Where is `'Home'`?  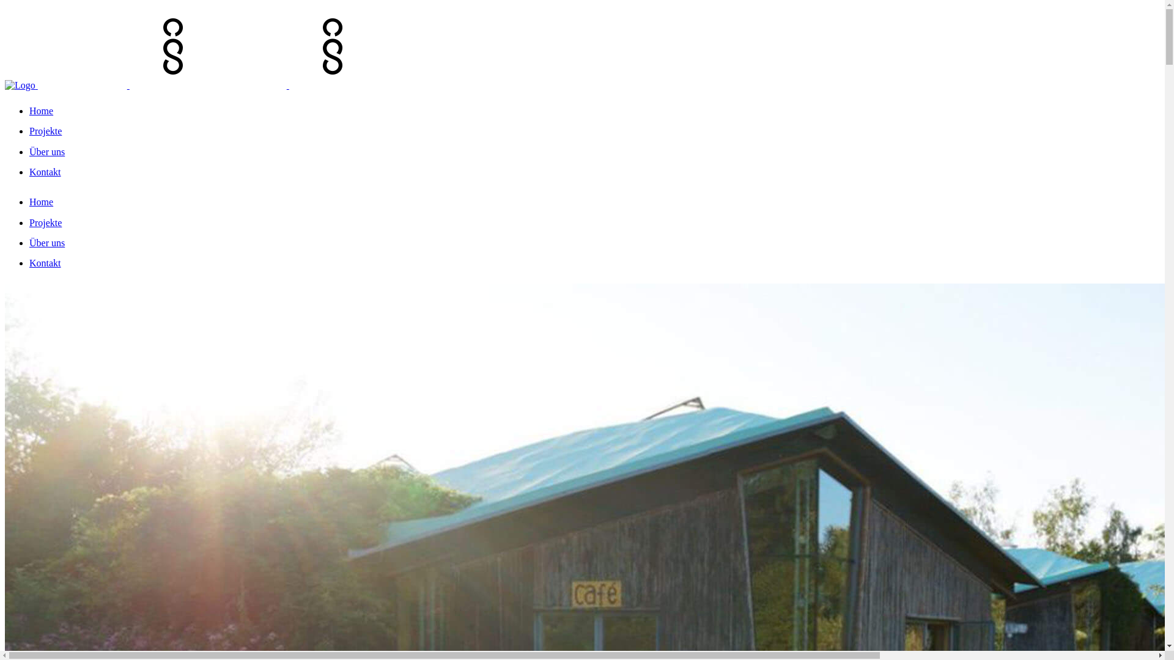
'Home' is located at coordinates (29, 111).